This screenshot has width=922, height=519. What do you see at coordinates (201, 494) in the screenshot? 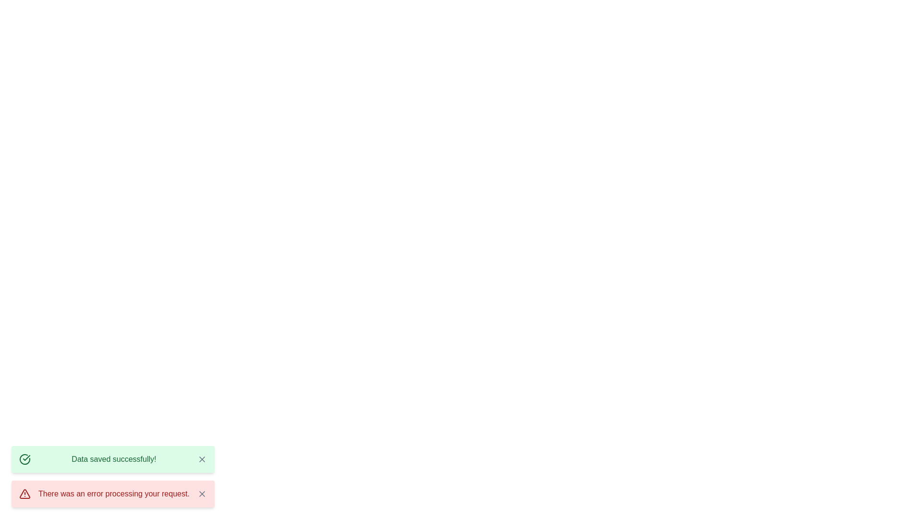
I see `the close button of the notification with message 'There was an error processing your request.'` at bounding box center [201, 494].